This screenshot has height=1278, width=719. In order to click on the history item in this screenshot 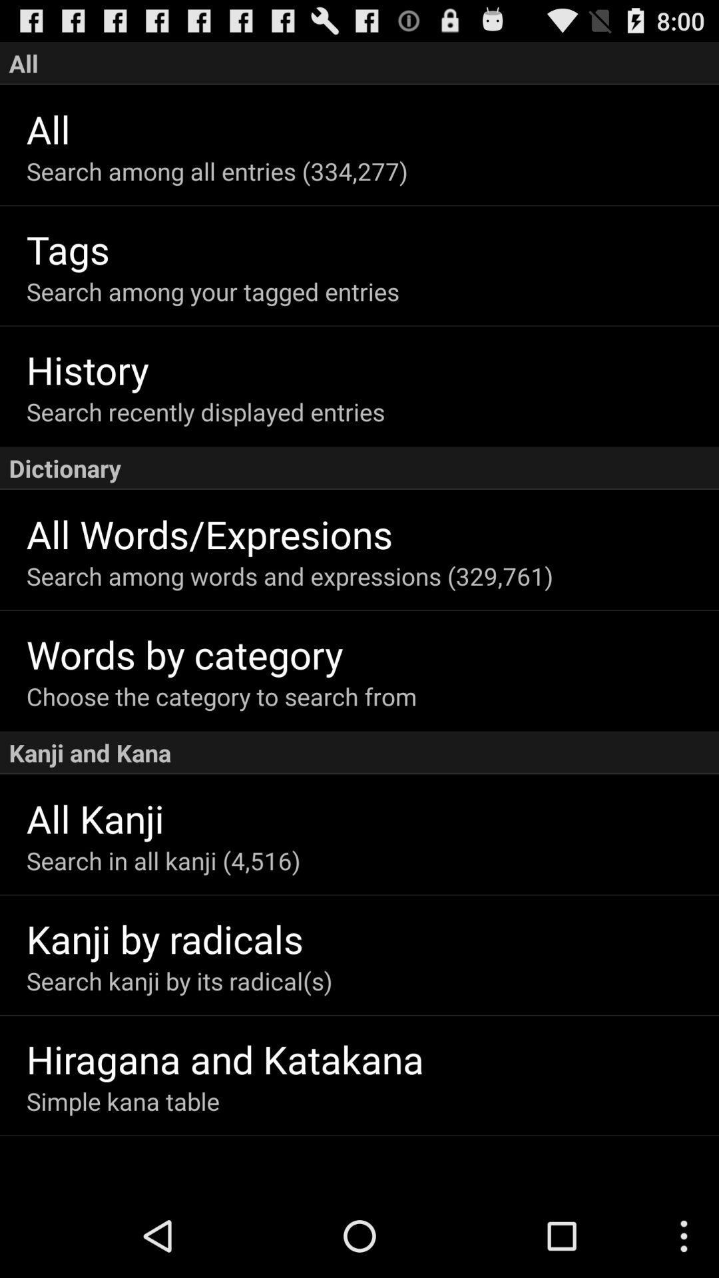, I will do `click(372, 369)`.